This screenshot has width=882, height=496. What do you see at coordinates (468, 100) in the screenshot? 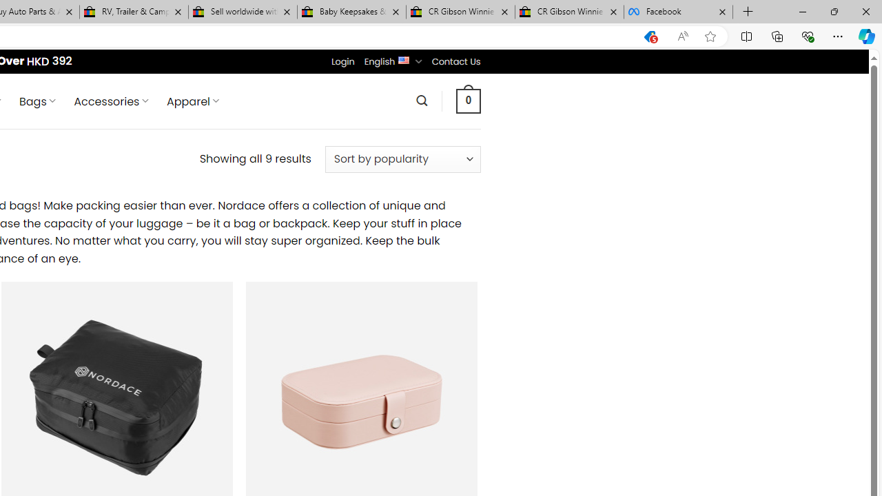
I see `' 0 '` at bounding box center [468, 100].